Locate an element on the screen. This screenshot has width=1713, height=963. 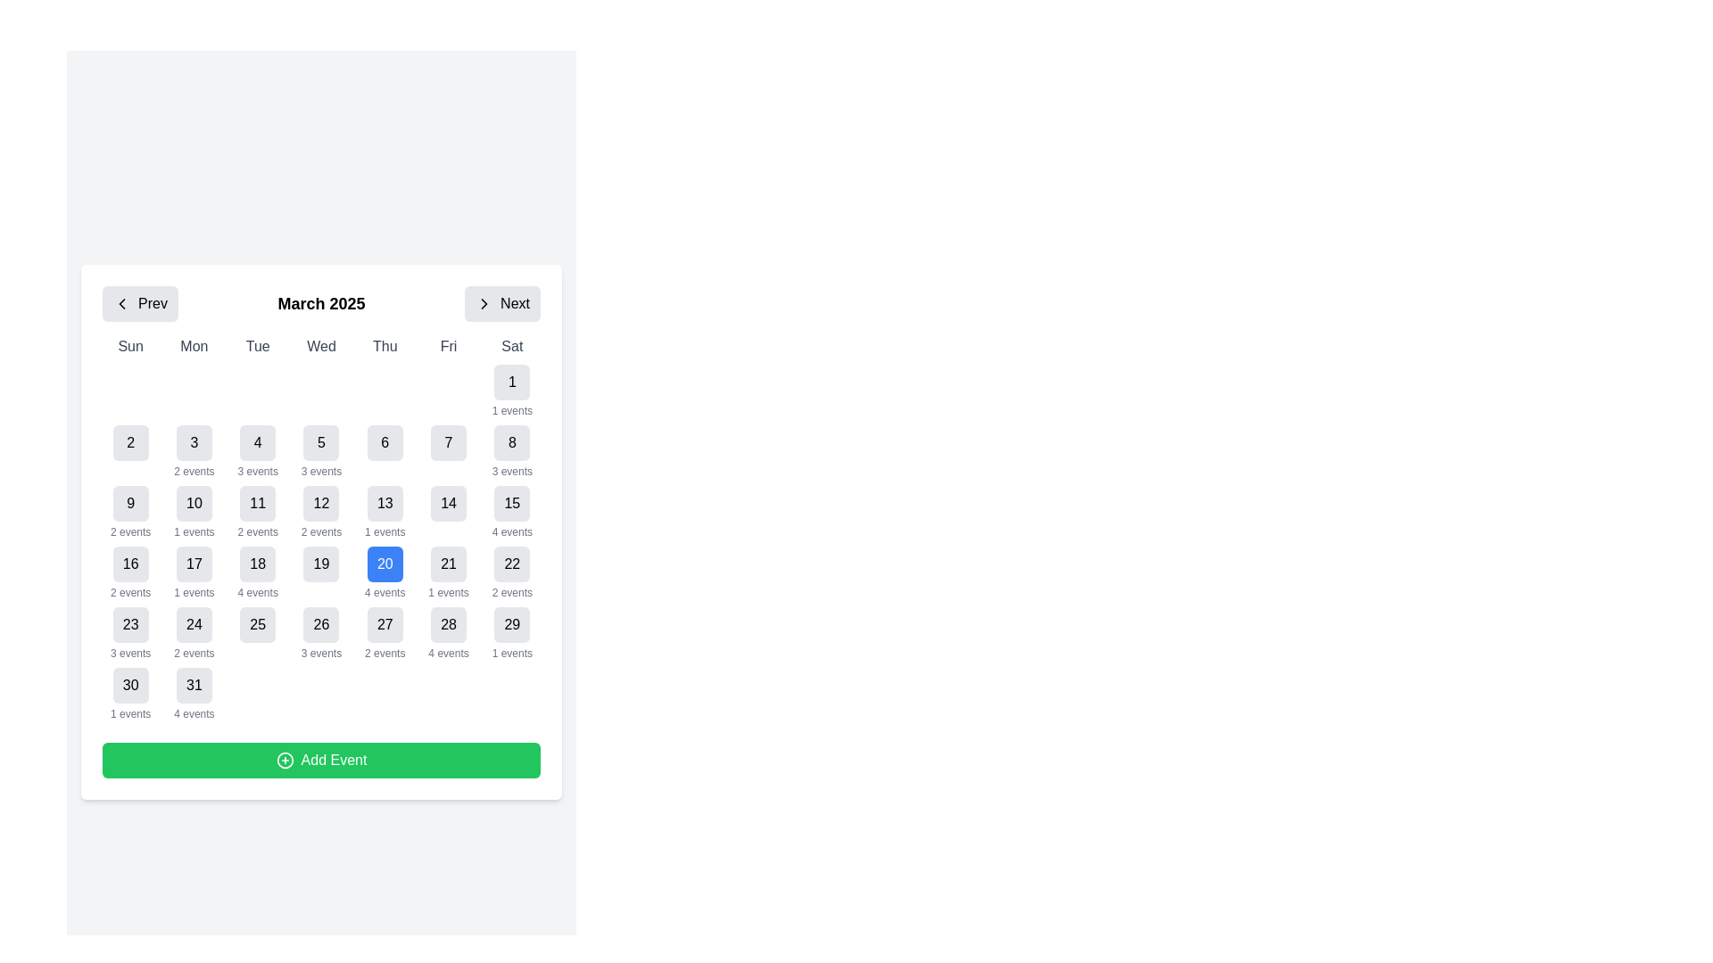
the text label displaying '1 events', which is positioned beneath the button-like element with the number '1' in the first column of the fifth row of the calendar grid layout is located at coordinates (194, 592).